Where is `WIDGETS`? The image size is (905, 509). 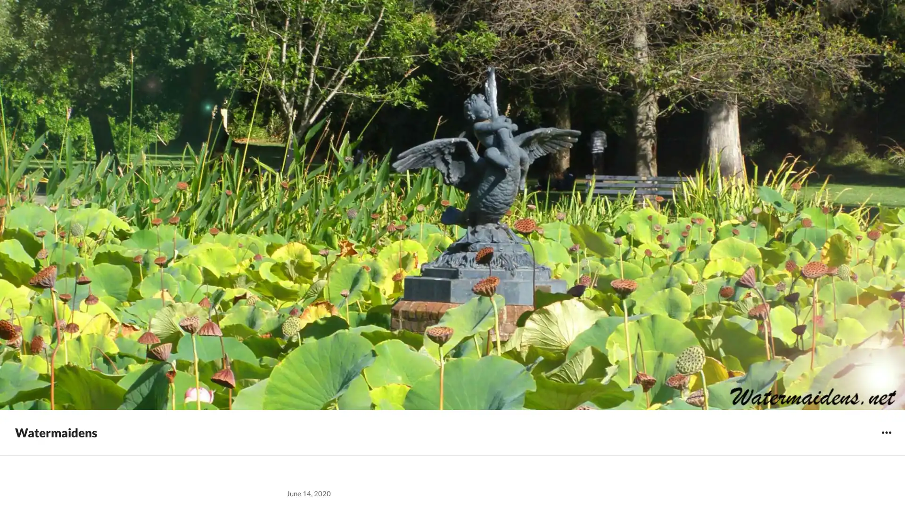
WIDGETS is located at coordinates (886, 432).